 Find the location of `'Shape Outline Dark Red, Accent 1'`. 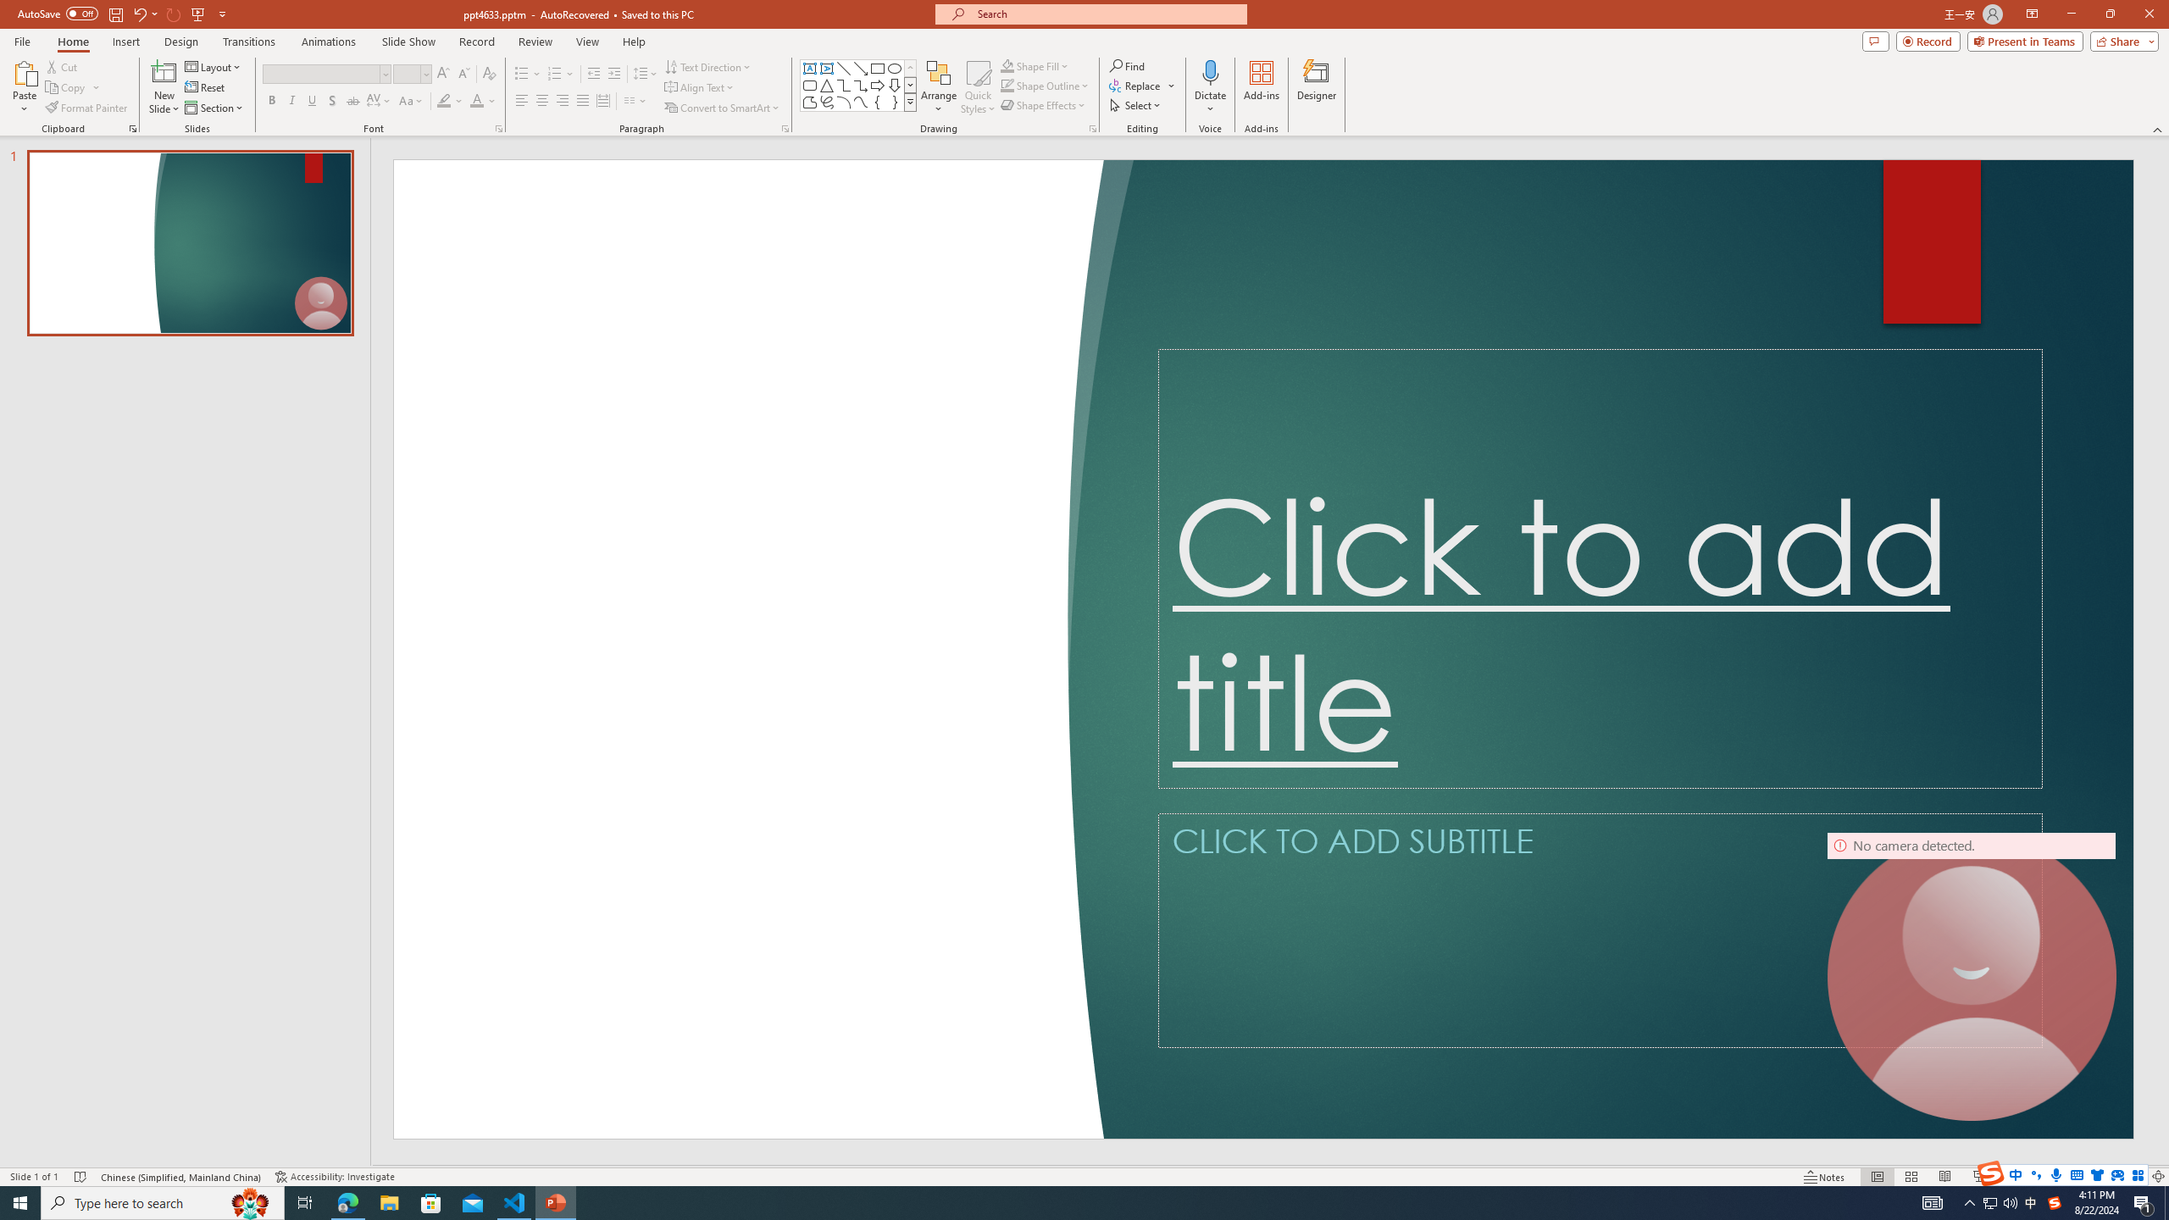

'Shape Outline Dark Red, Accent 1' is located at coordinates (1007, 84).